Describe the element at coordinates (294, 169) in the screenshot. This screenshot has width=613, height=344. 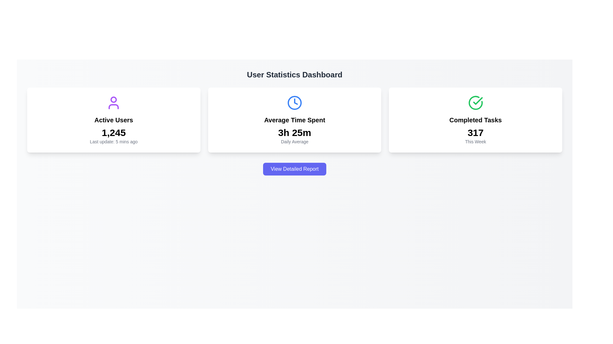
I see `the centrally aligned button below the dashboard statistics` at that location.